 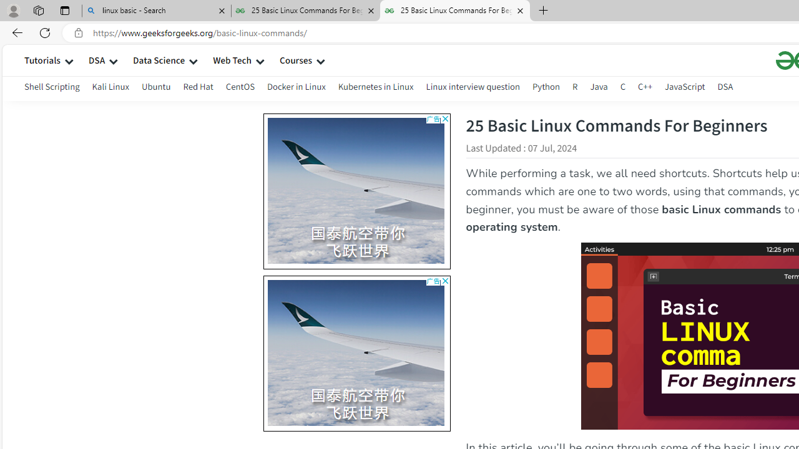 What do you see at coordinates (454, 11) in the screenshot?
I see `'25 Basic Linux Commands For Beginners - GeeksforGeeks'` at bounding box center [454, 11].